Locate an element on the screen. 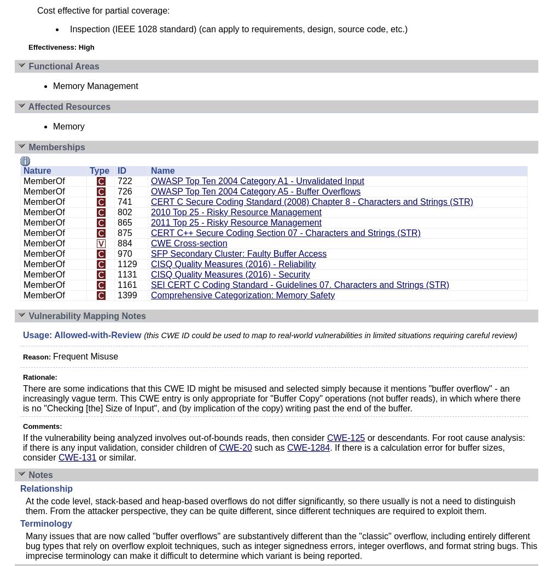 The image size is (558, 566). 'SEI CERT C Coding Standard - Guidelines 07. Characters and Strings (STR)' is located at coordinates (150, 285).